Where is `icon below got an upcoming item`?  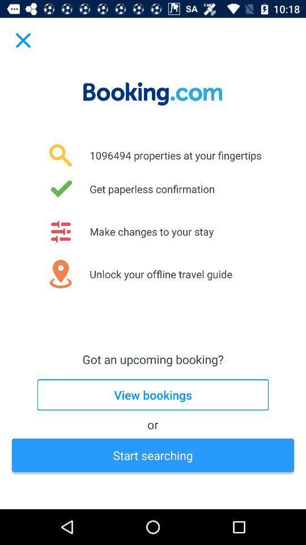
icon below got an upcoming item is located at coordinates (153, 395).